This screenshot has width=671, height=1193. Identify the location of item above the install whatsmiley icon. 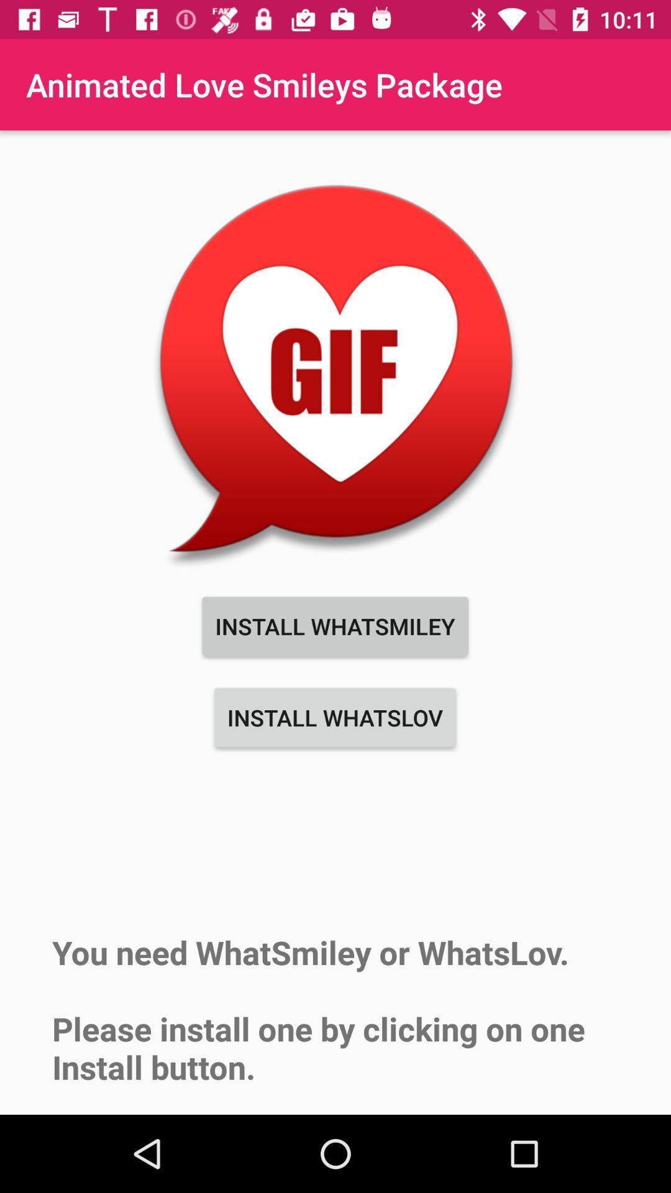
(335, 371).